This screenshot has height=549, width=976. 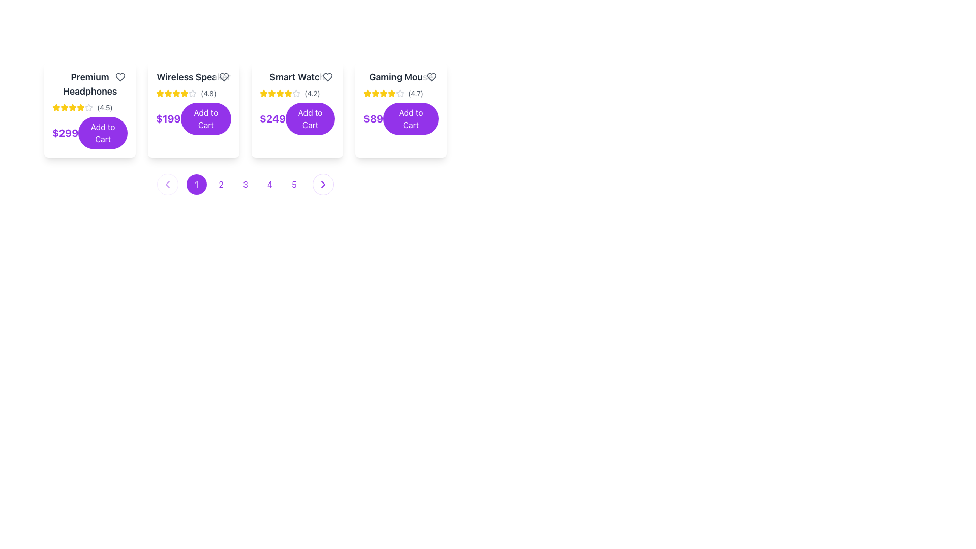 What do you see at coordinates (193, 110) in the screenshot?
I see `the 'Add to Cart' button on the Wireless Speaker product card, which is the second card in a grid layout` at bounding box center [193, 110].